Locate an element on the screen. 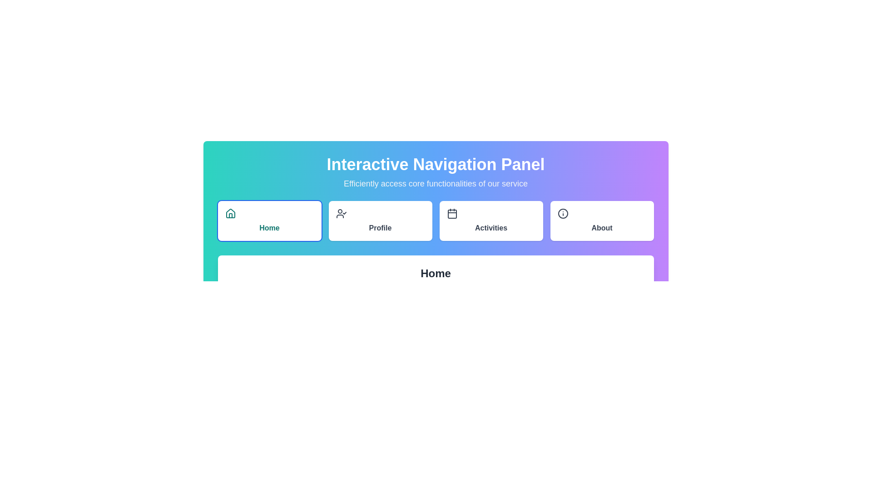 This screenshot has height=490, width=872. the text label that provides additional context for the 'Interactive Navigation Panel' header, located below it is located at coordinates (435, 184).